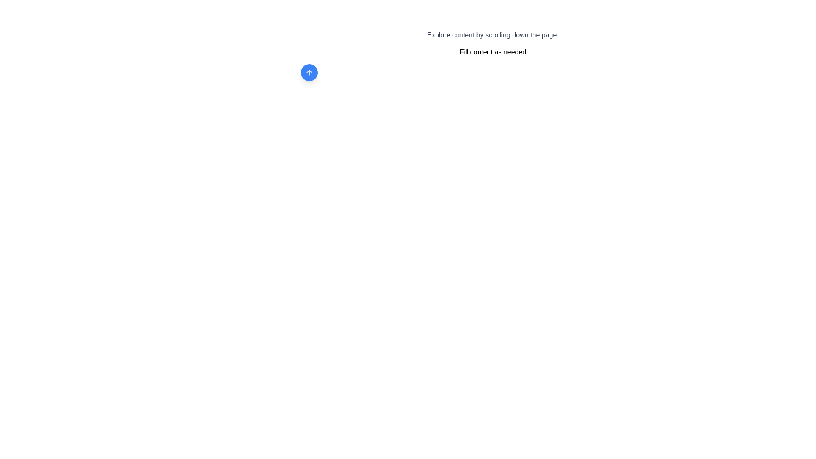 This screenshot has height=459, width=816. Describe the element at coordinates (309, 72) in the screenshot. I see `the upward direction icon located at the center of the circular button positioned towards the left-center region of the interface` at that location.